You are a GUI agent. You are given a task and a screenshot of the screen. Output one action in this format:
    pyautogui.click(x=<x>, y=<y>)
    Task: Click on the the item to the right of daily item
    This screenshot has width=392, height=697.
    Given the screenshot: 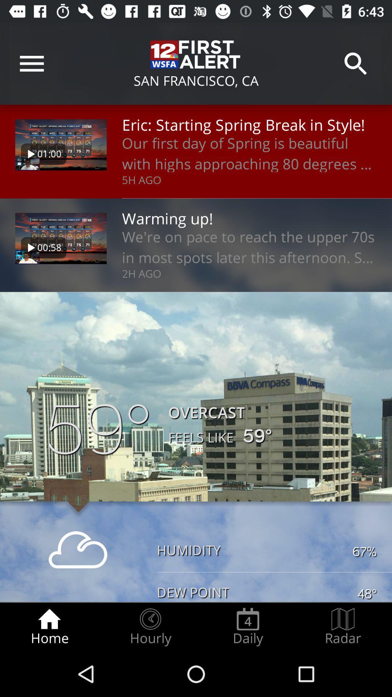 What is the action you would take?
    pyautogui.click(x=343, y=627)
    